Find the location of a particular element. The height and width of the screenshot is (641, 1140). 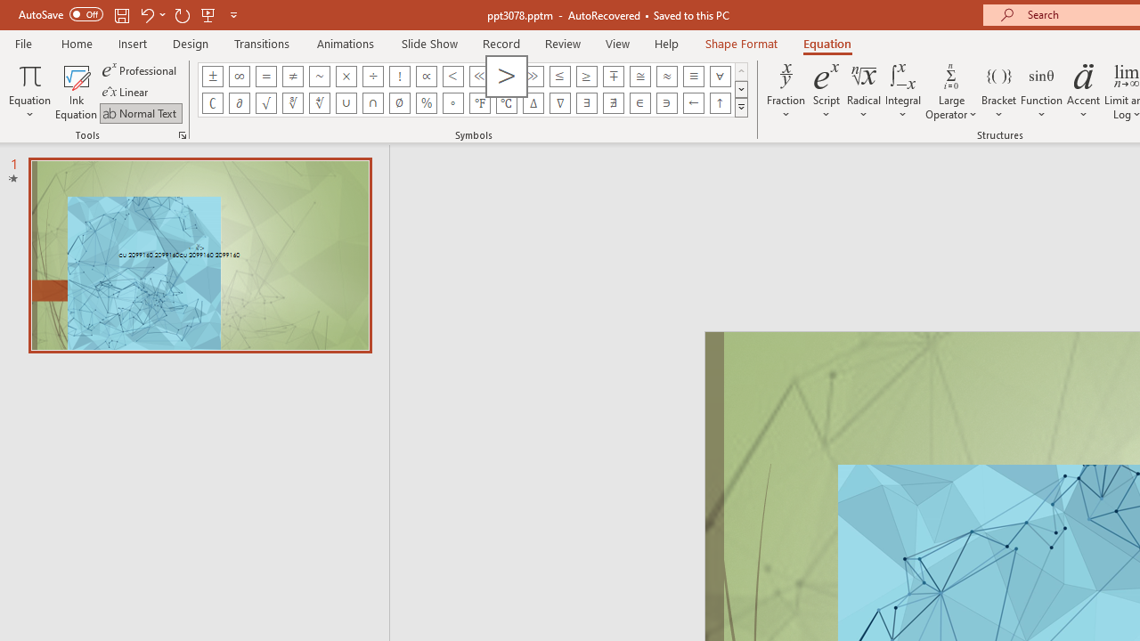

'Equation Symbol For All' is located at coordinates (720, 76).